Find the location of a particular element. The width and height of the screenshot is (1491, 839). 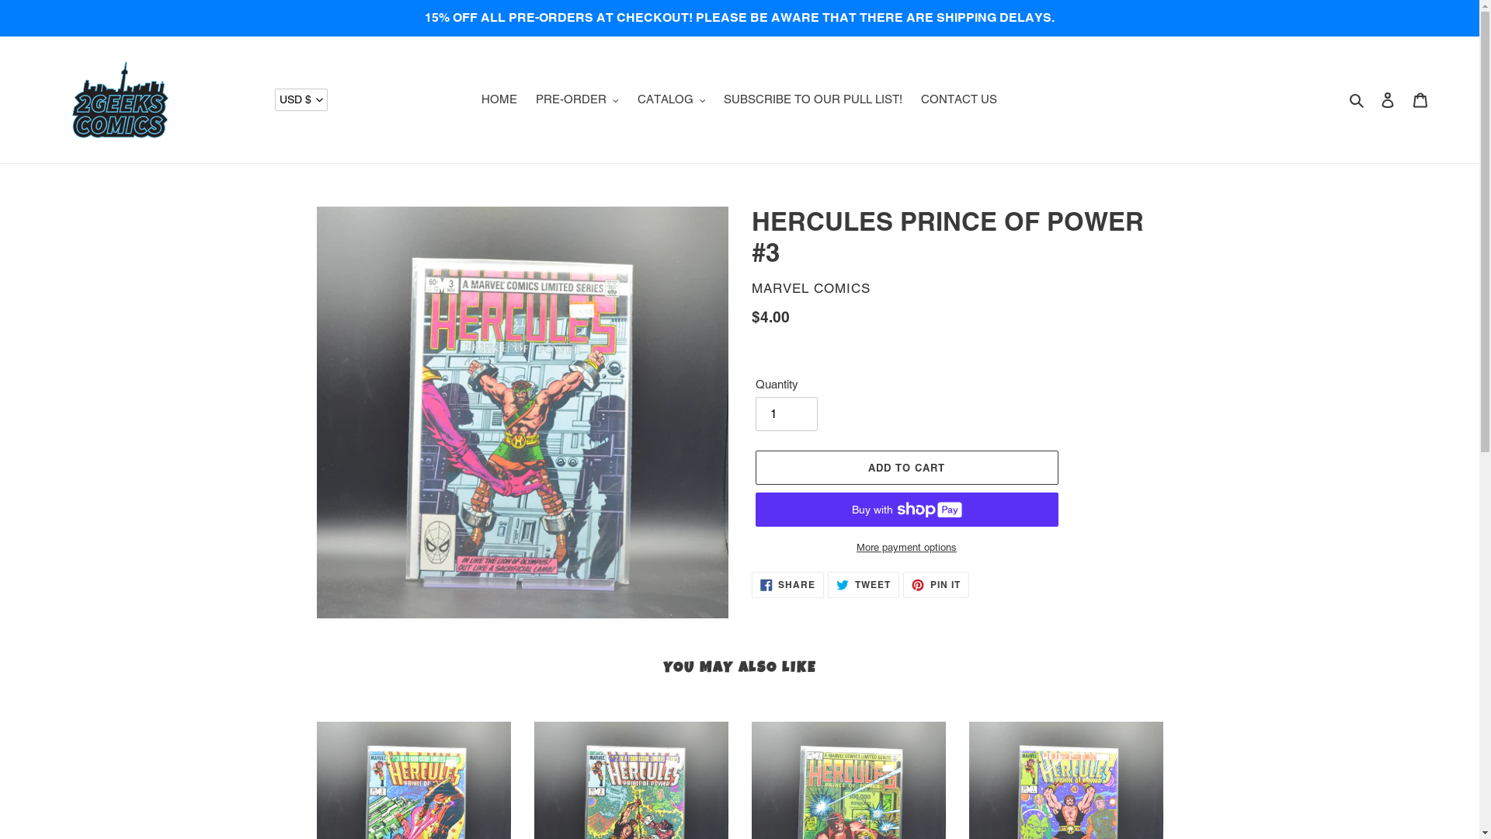

'Log in' is located at coordinates (1371, 99).